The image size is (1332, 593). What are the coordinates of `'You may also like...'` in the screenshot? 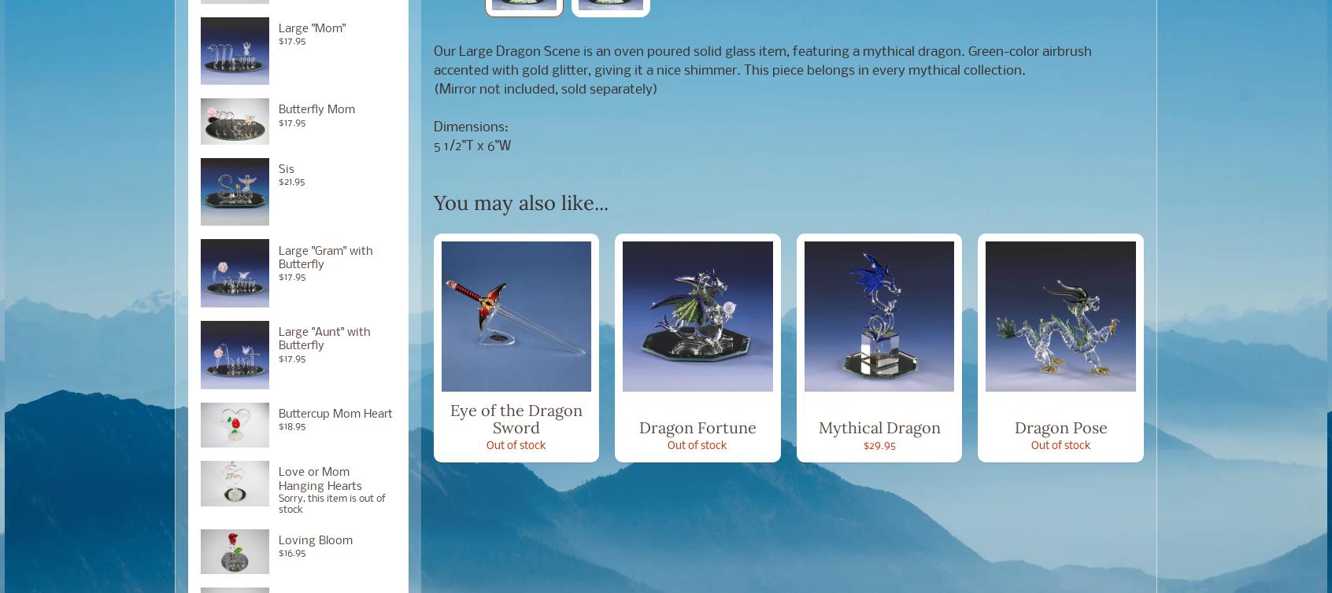 It's located at (433, 201).